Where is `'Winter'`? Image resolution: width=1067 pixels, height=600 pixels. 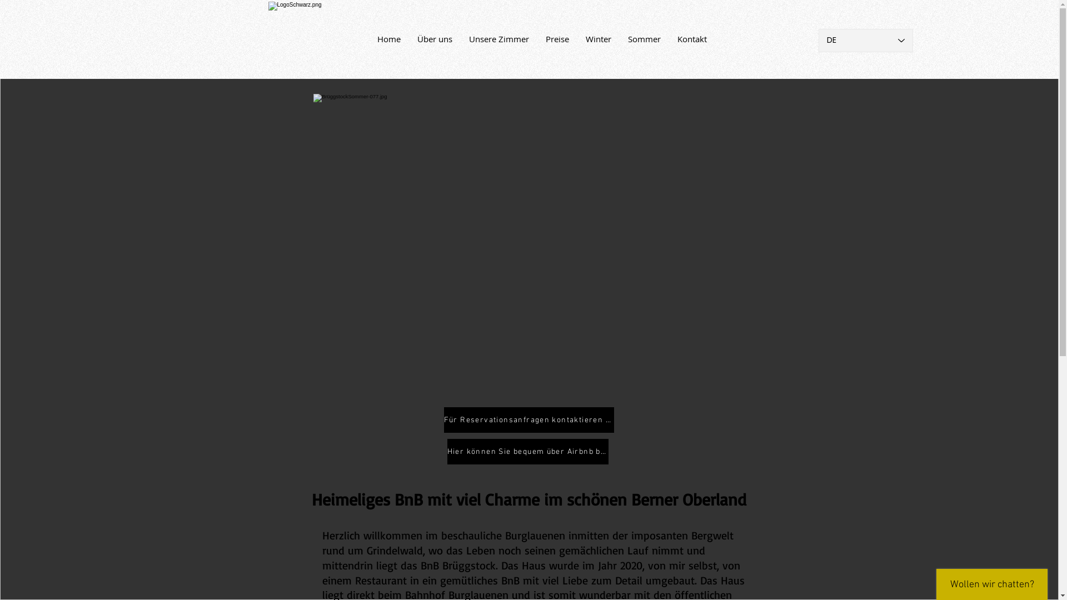
'Winter' is located at coordinates (597, 38).